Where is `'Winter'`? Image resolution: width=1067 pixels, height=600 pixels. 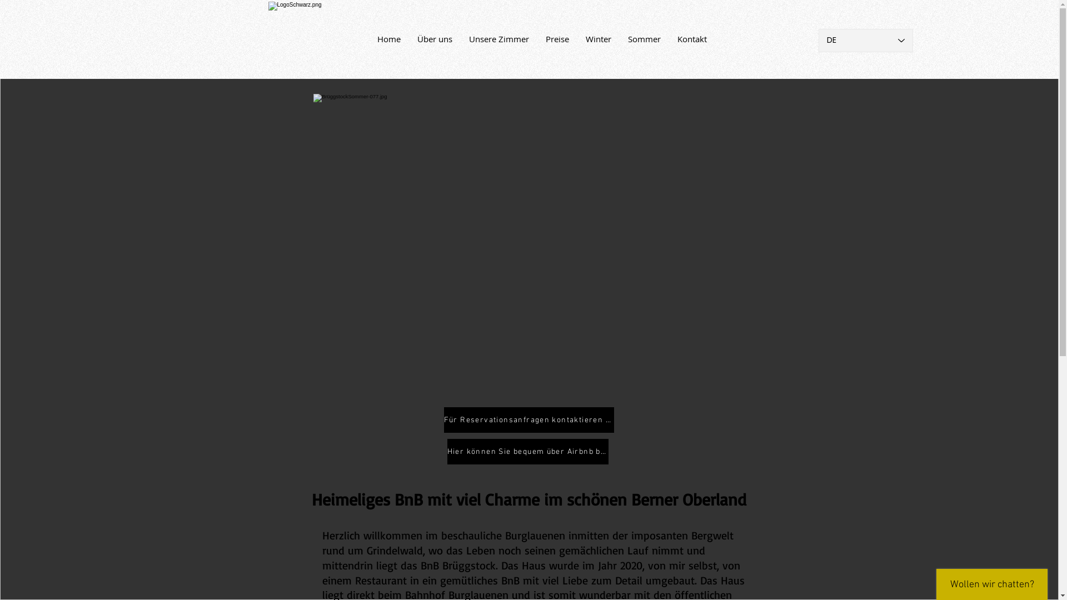
'Winter' is located at coordinates (597, 38).